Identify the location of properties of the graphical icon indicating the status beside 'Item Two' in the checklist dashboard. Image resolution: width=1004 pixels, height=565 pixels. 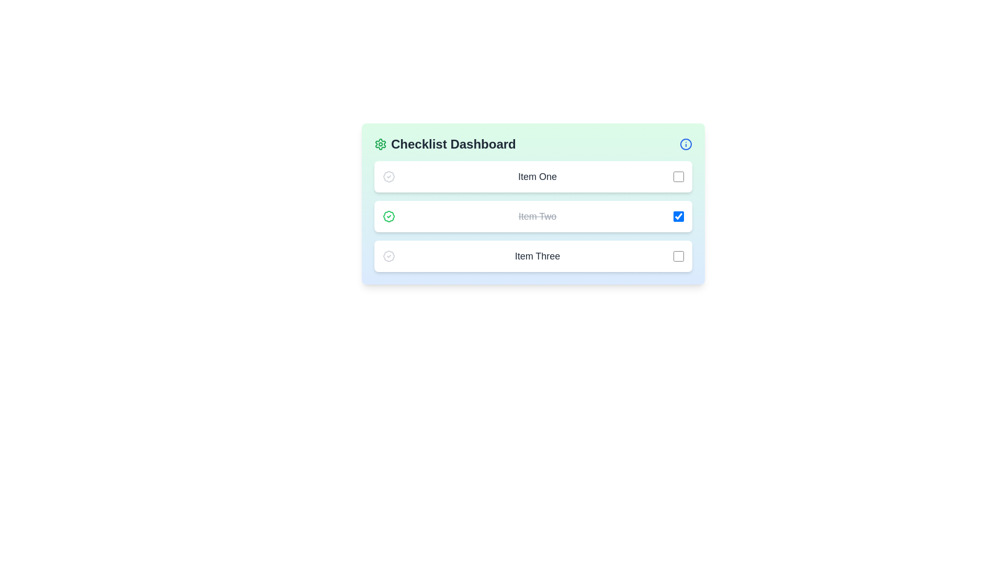
(389, 216).